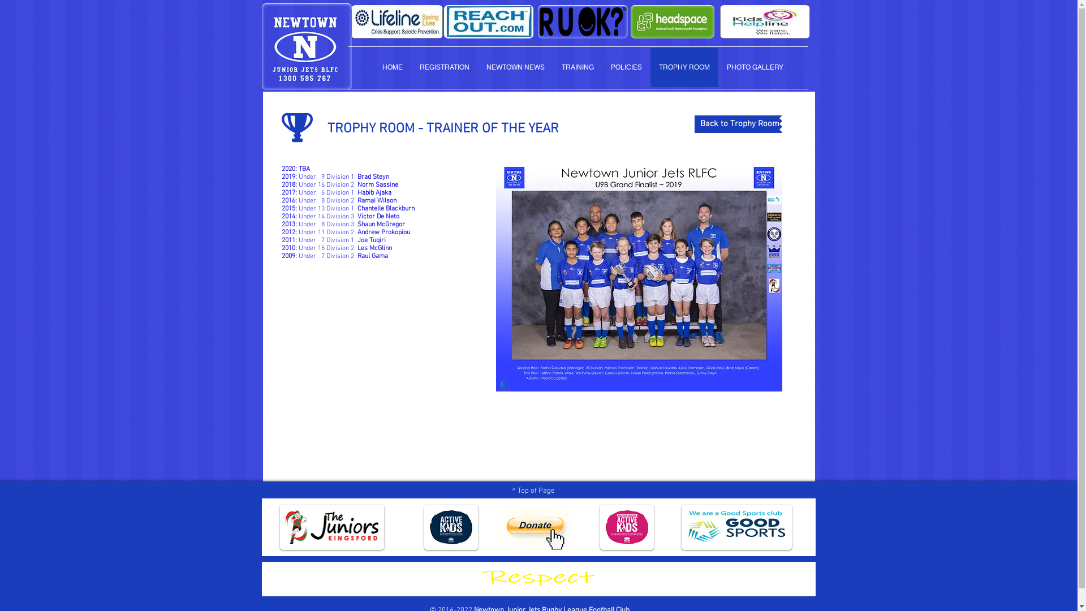 The height and width of the screenshot is (611, 1086). Describe the element at coordinates (306, 46) in the screenshot. I see `'newtown-junior-jets-rlfc.png'` at that location.